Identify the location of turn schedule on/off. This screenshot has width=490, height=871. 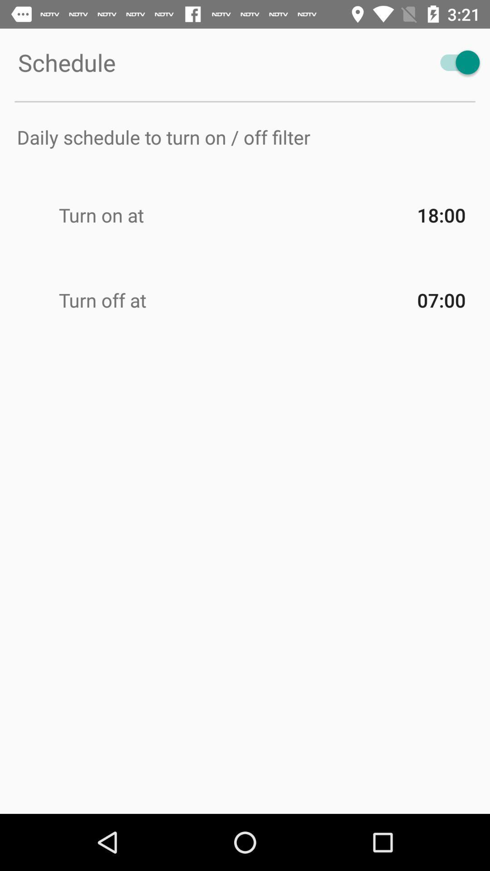
(456, 62).